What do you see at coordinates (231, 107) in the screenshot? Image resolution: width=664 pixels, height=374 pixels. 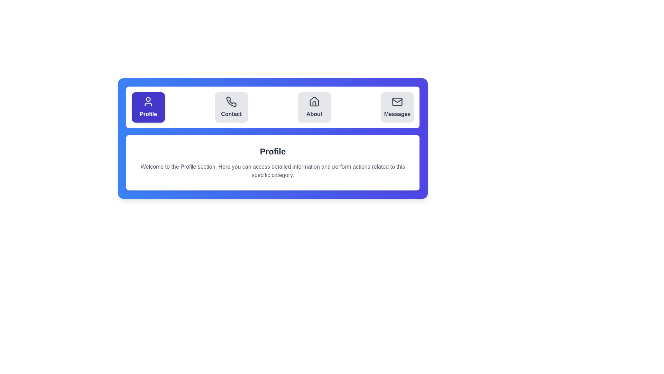 I see `the Contact tab by clicking its button` at bounding box center [231, 107].